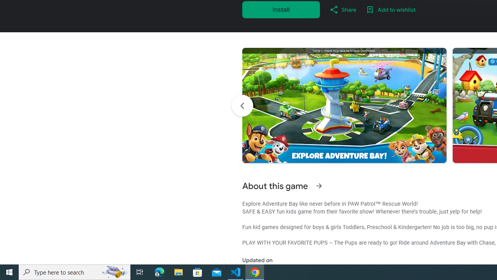 The width and height of the screenshot is (497, 280). Describe the element at coordinates (242, 106) in the screenshot. I see `'Scroll Previous'` at that location.